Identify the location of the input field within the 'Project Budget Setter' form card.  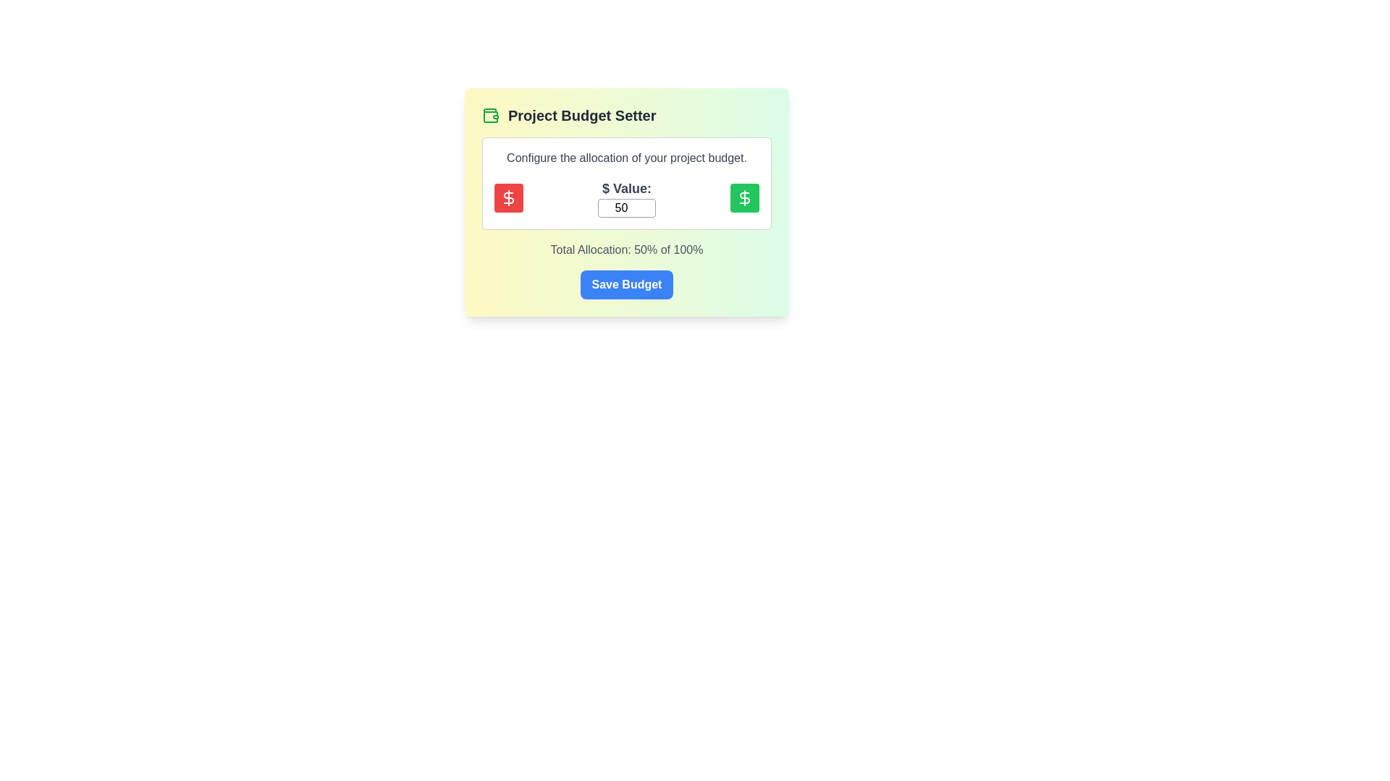
(626, 197).